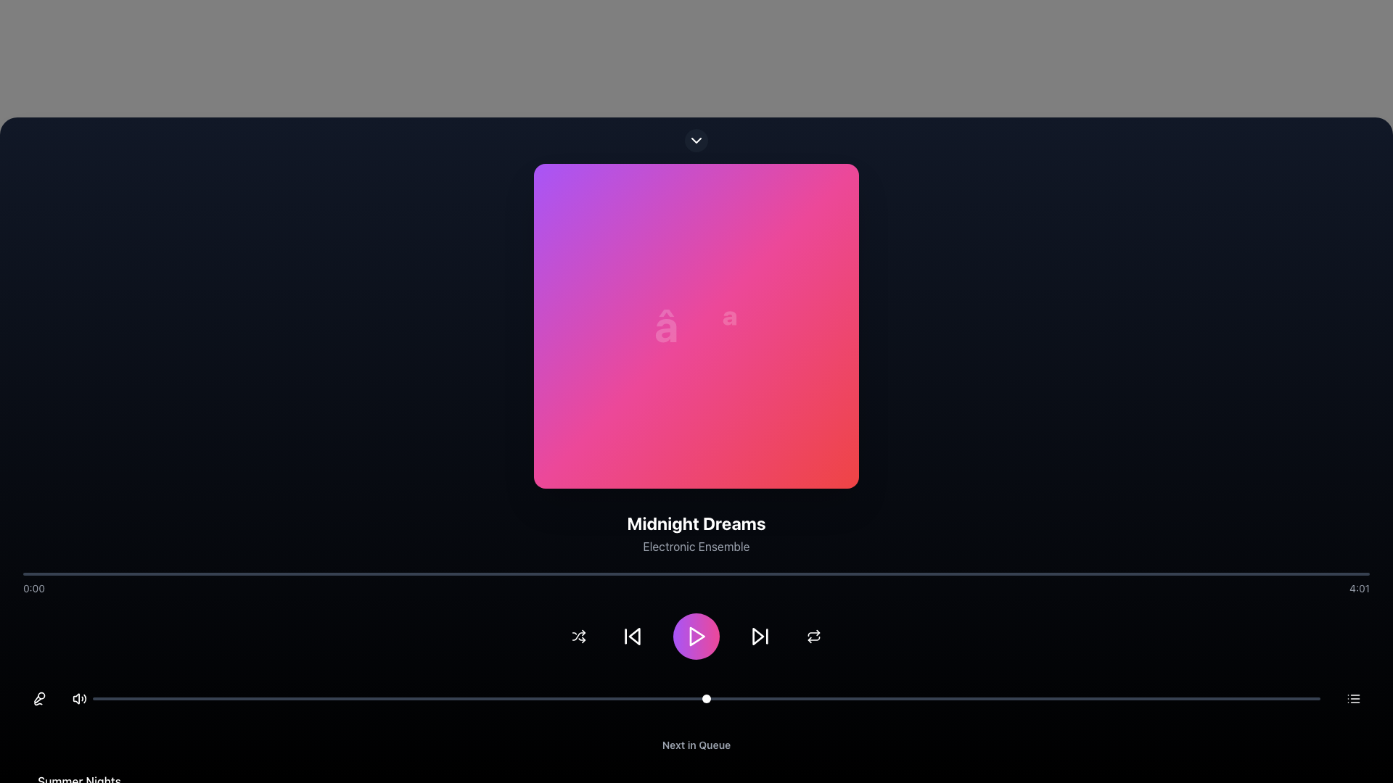  I want to click on the button with a backward arrow icon, located in the bottom control section, second from the left, so click(633, 636).